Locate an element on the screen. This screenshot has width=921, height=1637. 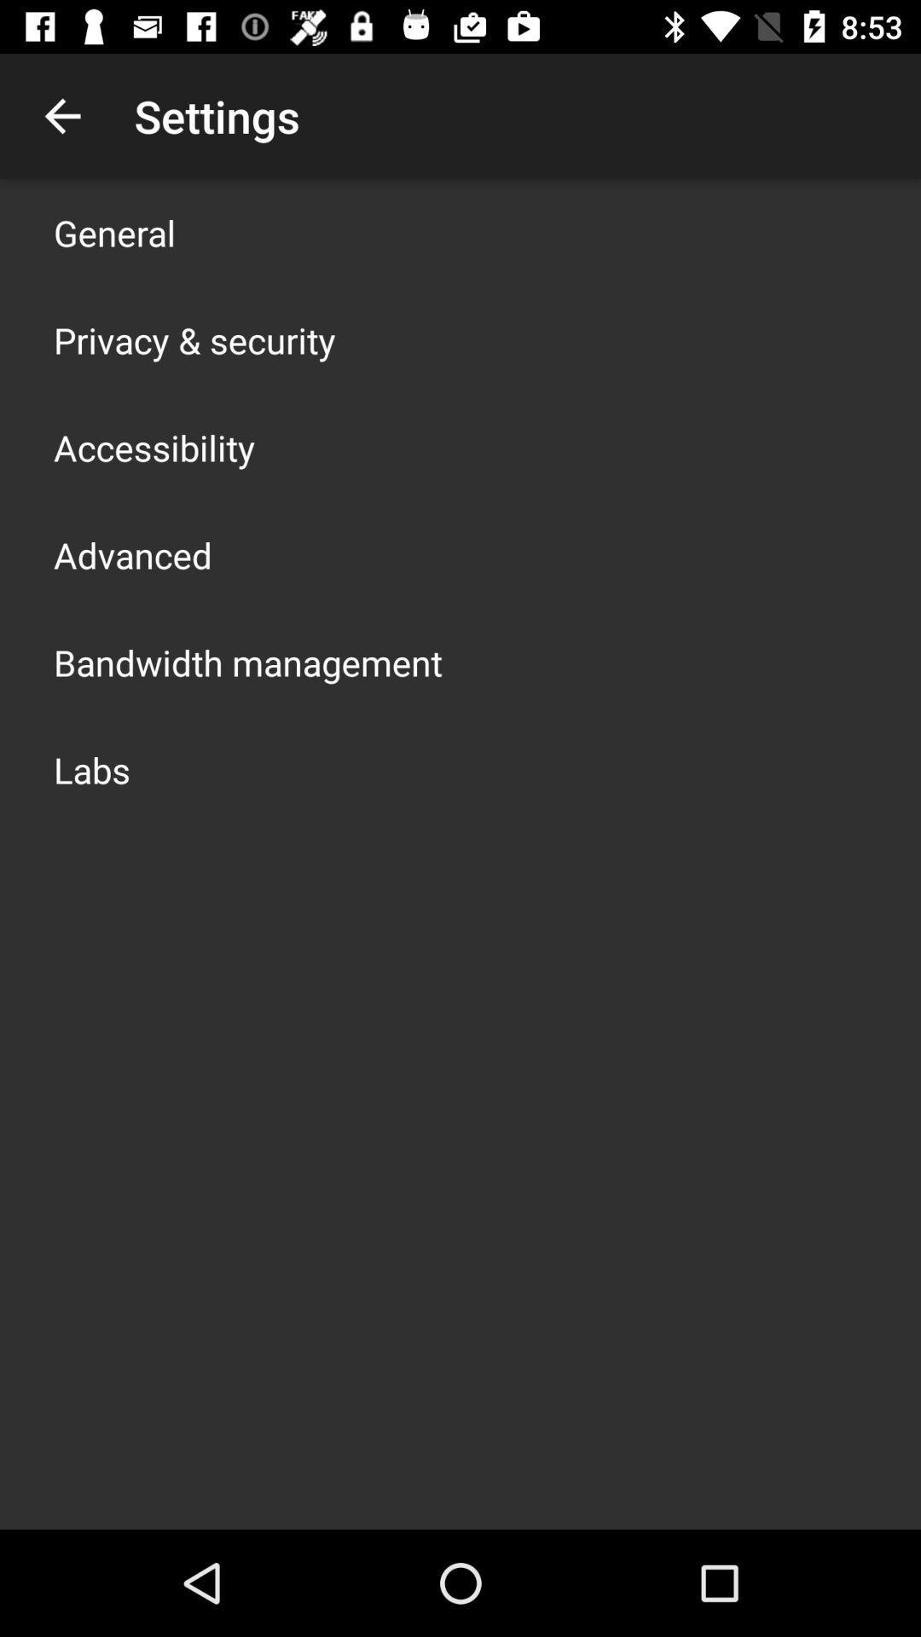
the app below advanced item is located at coordinates (247, 662).